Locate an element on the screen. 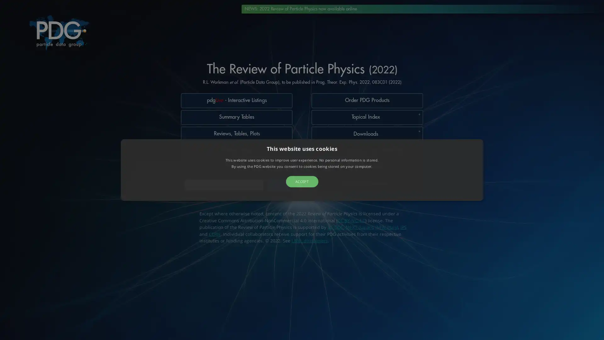 The height and width of the screenshot is (340, 604). Non-PDG Resources + is located at coordinates (367, 191).